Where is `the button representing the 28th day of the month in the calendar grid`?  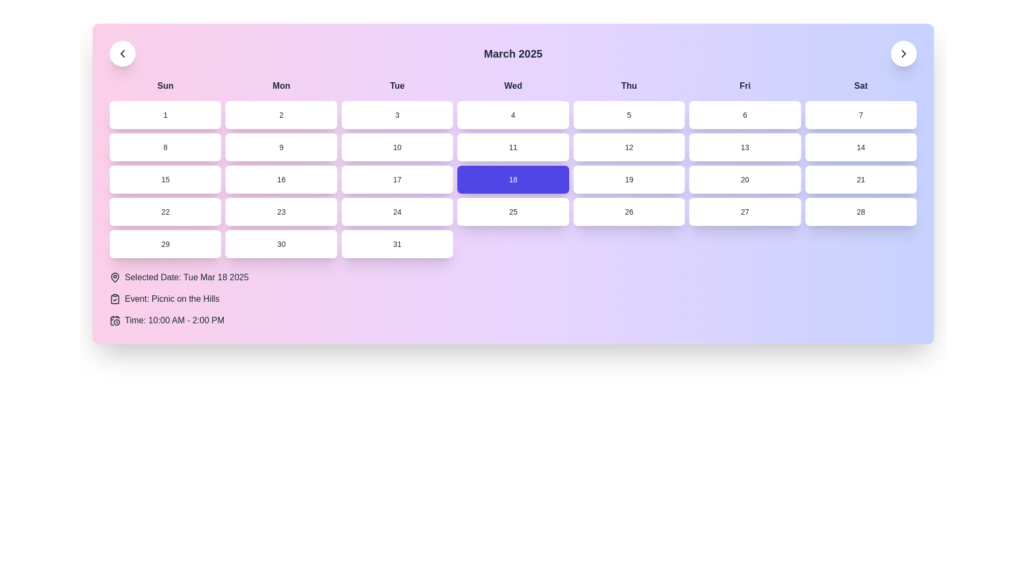 the button representing the 28th day of the month in the calendar grid is located at coordinates (861, 211).